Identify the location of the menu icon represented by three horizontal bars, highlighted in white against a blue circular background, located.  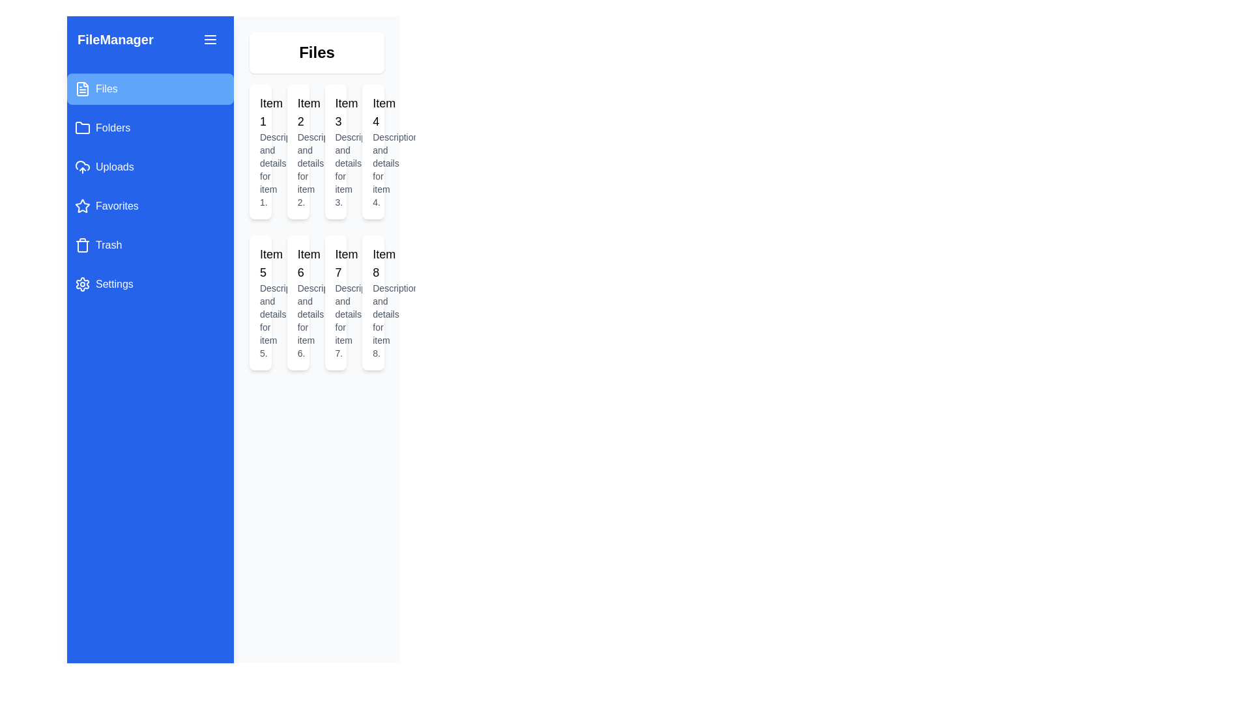
(210, 39).